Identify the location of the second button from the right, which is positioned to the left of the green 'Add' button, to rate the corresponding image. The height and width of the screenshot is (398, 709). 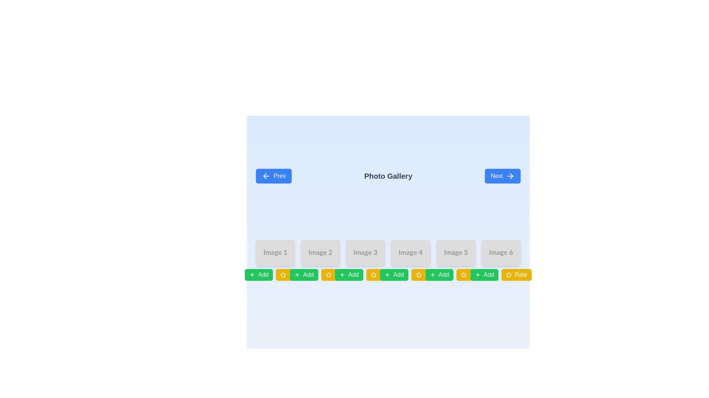
(291, 275).